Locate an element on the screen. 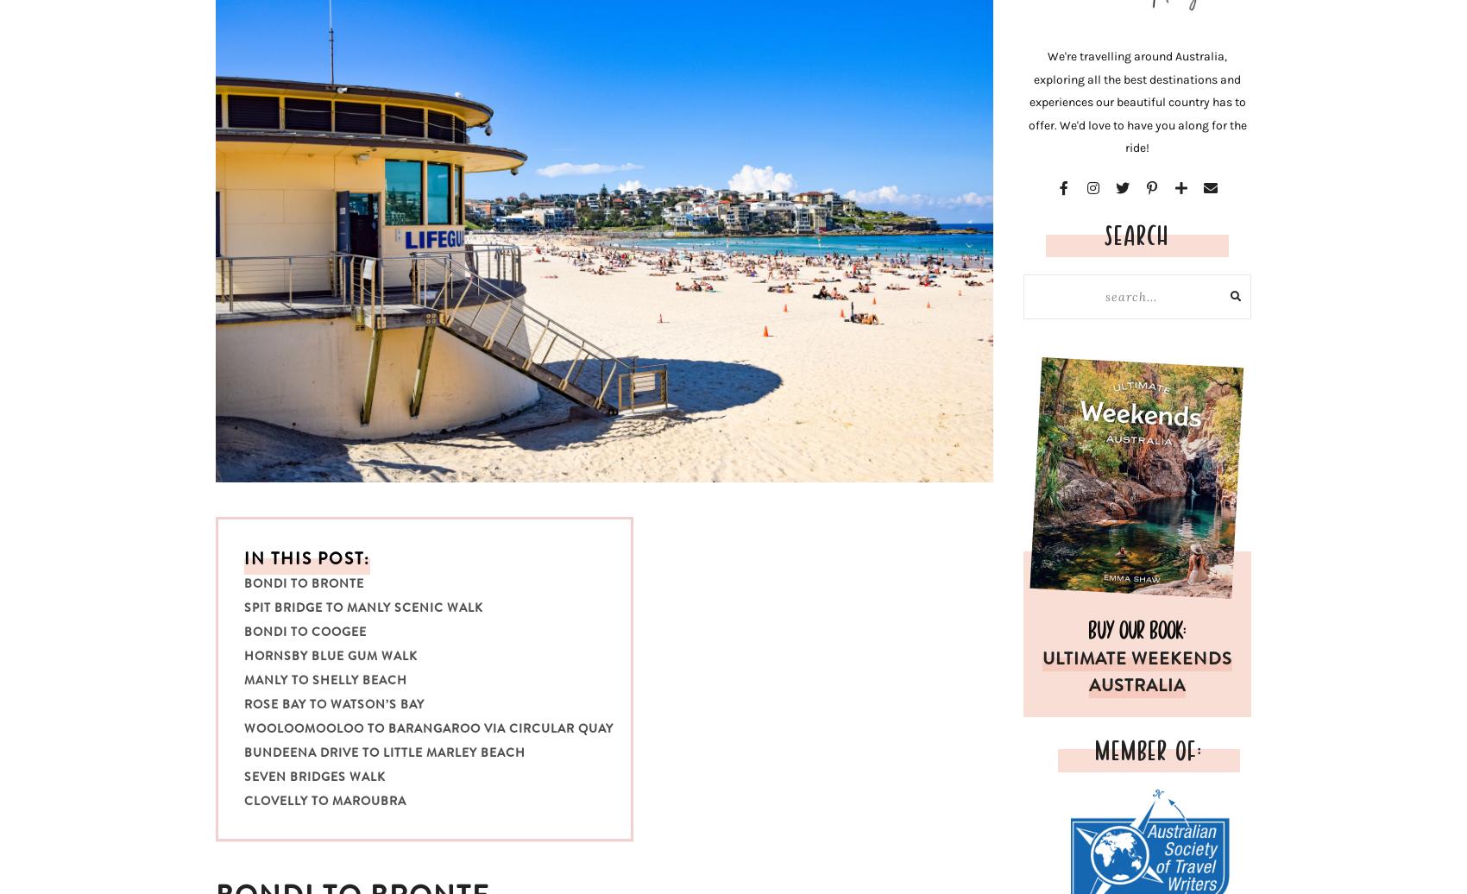 The height and width of the screenshot is (894, 1467). 'Member of:' is located at coordinates (1148, 748).